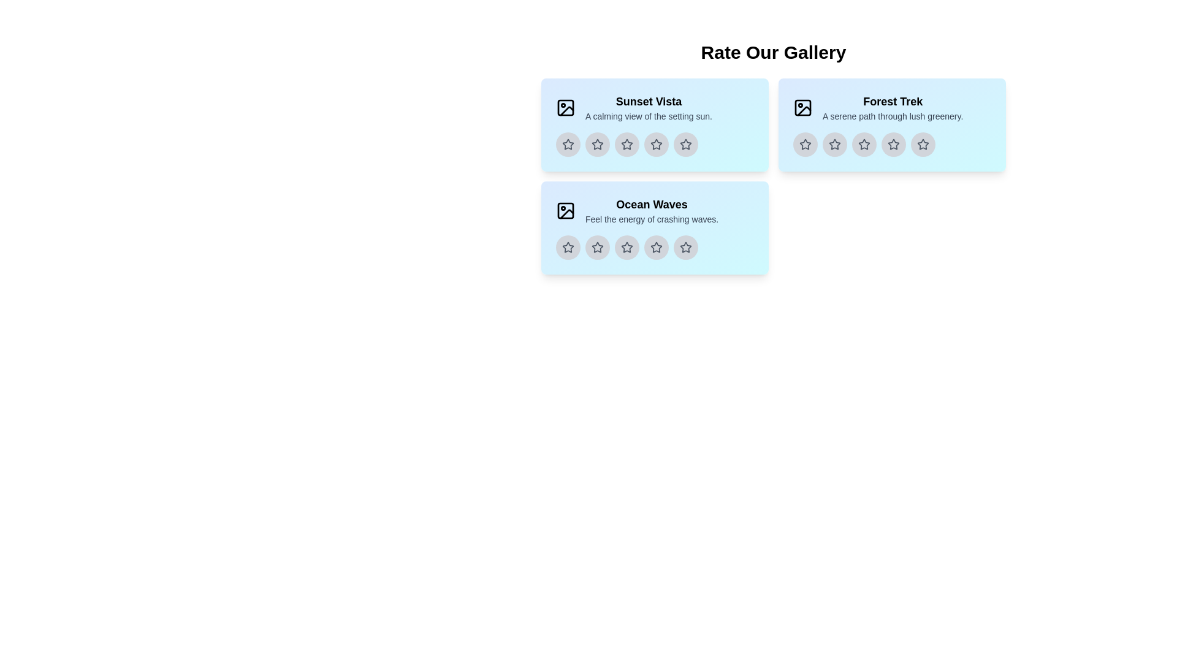 This screenshot has width=1177, height=662. What do you see at coordinates (806, 143) in the screenshot?
I see `the first circular button with a gray background and a hollow star icon` at bounding box center [806, 143].